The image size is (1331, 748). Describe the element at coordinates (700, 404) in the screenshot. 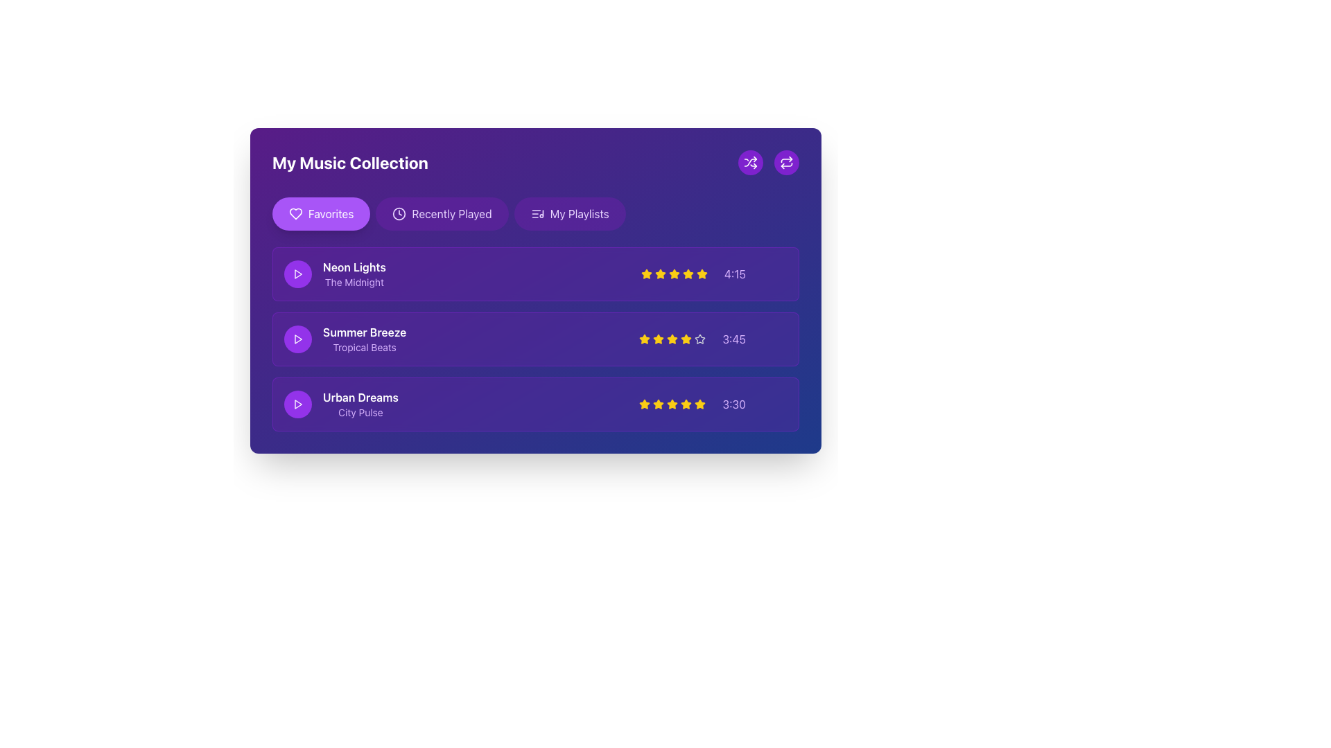

I see `the fifth star icon in the horizontal row of yellow stars to rate the song 'Urban Dreams'` at that location.